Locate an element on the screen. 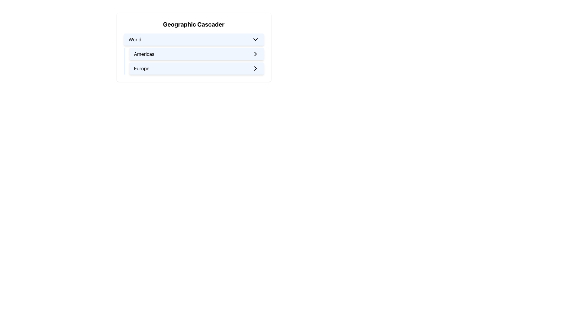 The image size is (580, 326). the text label displaying 'Europe', which is styled with a bold font and positioned within a light blue rounded rectangle, located below the label 'Americas' is located at coordinates (141, 68).